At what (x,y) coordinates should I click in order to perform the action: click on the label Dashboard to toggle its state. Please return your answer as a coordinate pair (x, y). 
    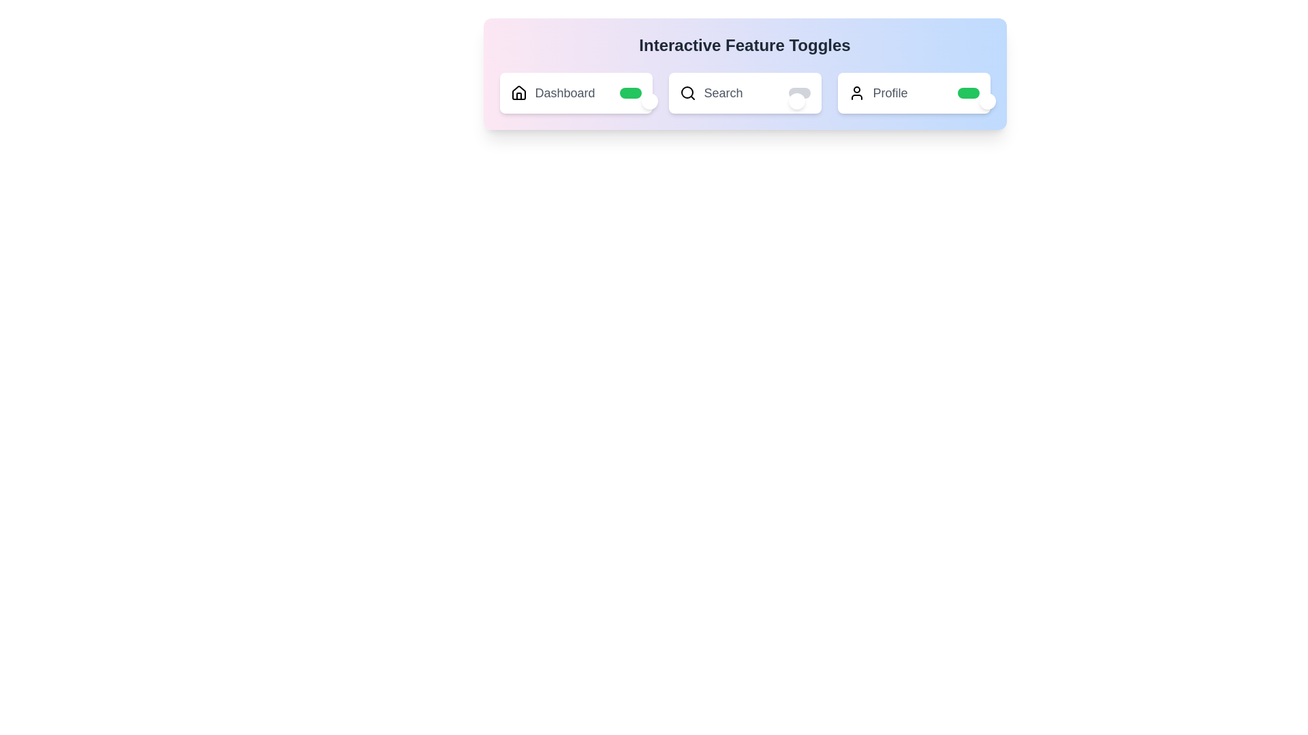
    Looking at the image, I should click on (576, 93).